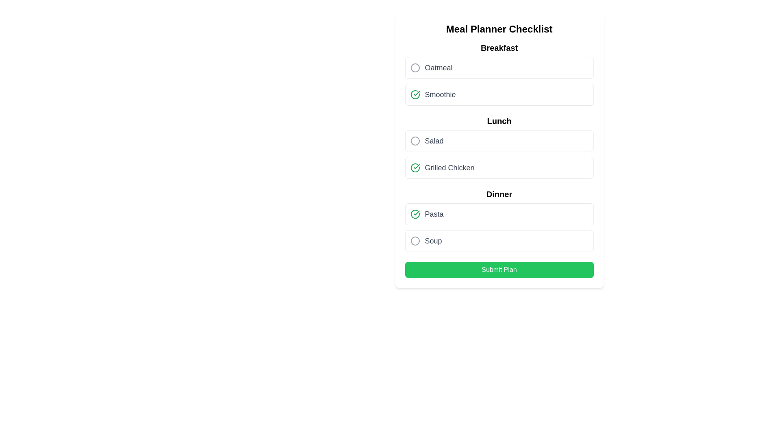 This screenshot has width=781, height=439. Describe the element at coordinates (415, 241) in the screenshot. I see `the circular icon indicating the unchecked state for the 'Soup' item in the Dinner section of the Meal Planner Checklist` at that location.